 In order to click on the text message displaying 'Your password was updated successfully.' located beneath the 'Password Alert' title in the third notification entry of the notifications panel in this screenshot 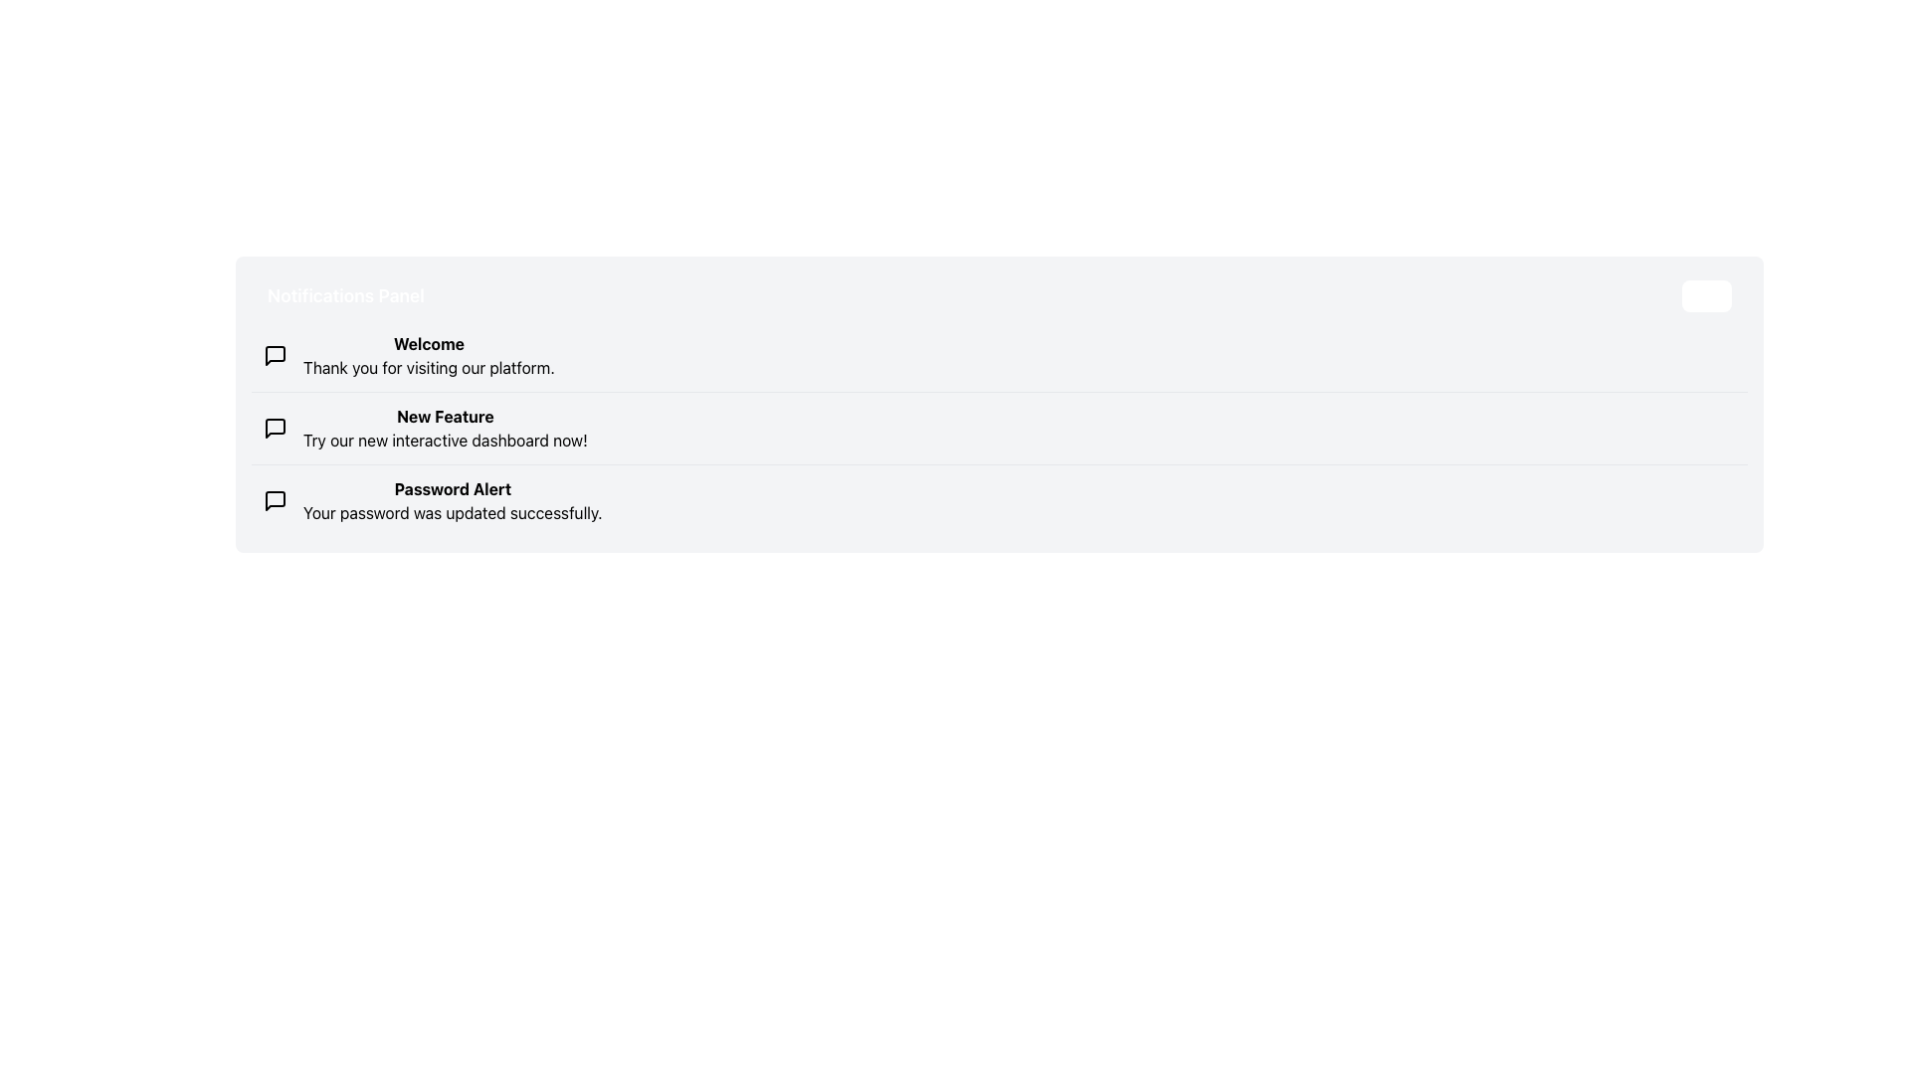, I will do `click(452, 512)`.